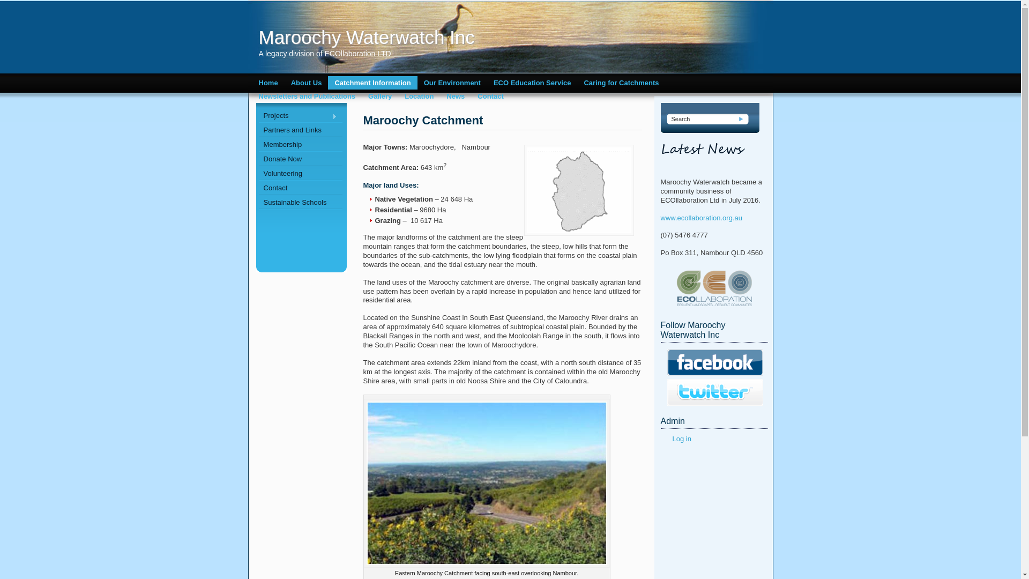 Image resolution: width=1029 pixels, height=579 pixels. Describe the element at coordinates (372, 82) in the screenshot. I see `'Catchment Information'` at that location.